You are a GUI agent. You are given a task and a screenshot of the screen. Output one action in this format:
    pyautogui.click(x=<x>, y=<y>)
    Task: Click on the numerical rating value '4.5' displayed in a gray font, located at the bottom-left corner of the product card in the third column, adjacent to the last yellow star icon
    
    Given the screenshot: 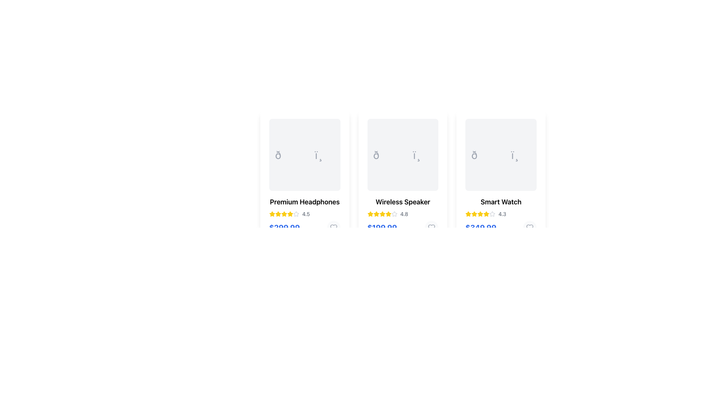 What is the action you would take?
    pyautogui.click(x=306, y=214)
    